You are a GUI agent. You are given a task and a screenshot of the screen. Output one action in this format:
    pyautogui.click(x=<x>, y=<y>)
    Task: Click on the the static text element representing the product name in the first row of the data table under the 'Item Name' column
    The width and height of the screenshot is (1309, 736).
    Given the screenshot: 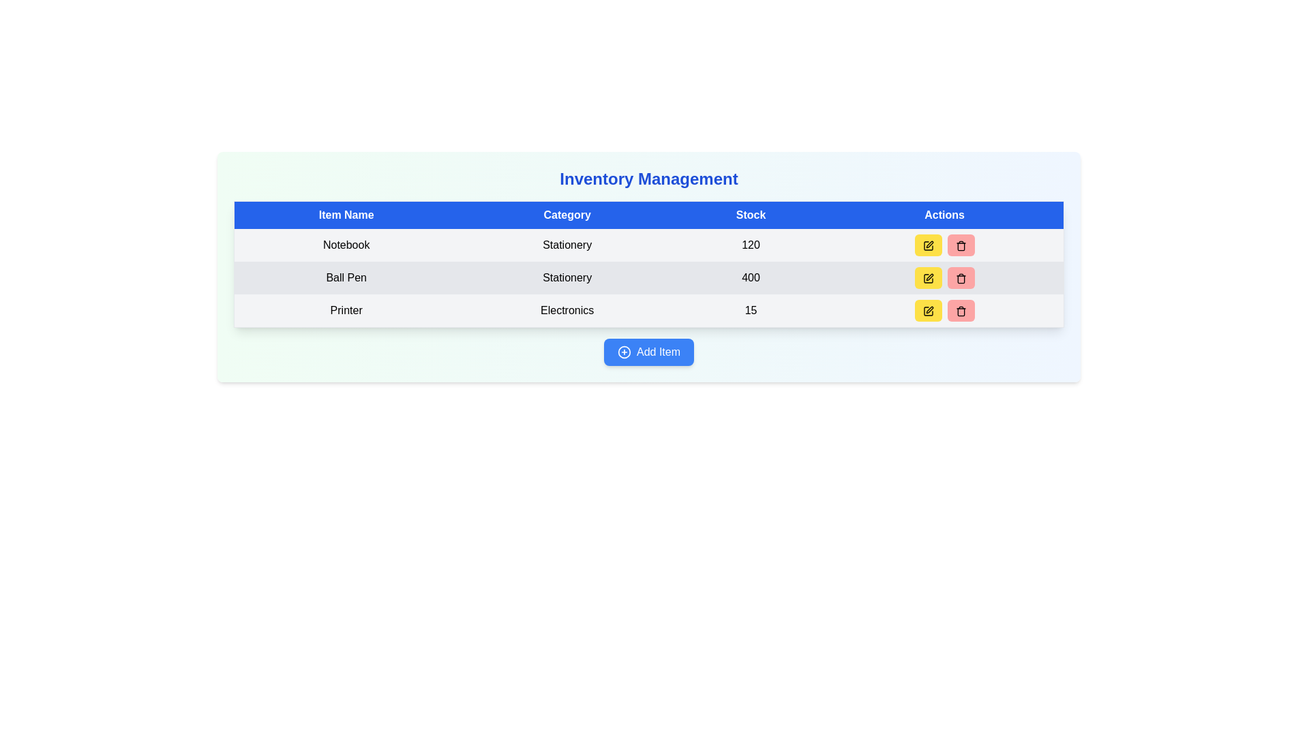 What is the action you would take?
    pyautogui.click(x=346, y=244)
    